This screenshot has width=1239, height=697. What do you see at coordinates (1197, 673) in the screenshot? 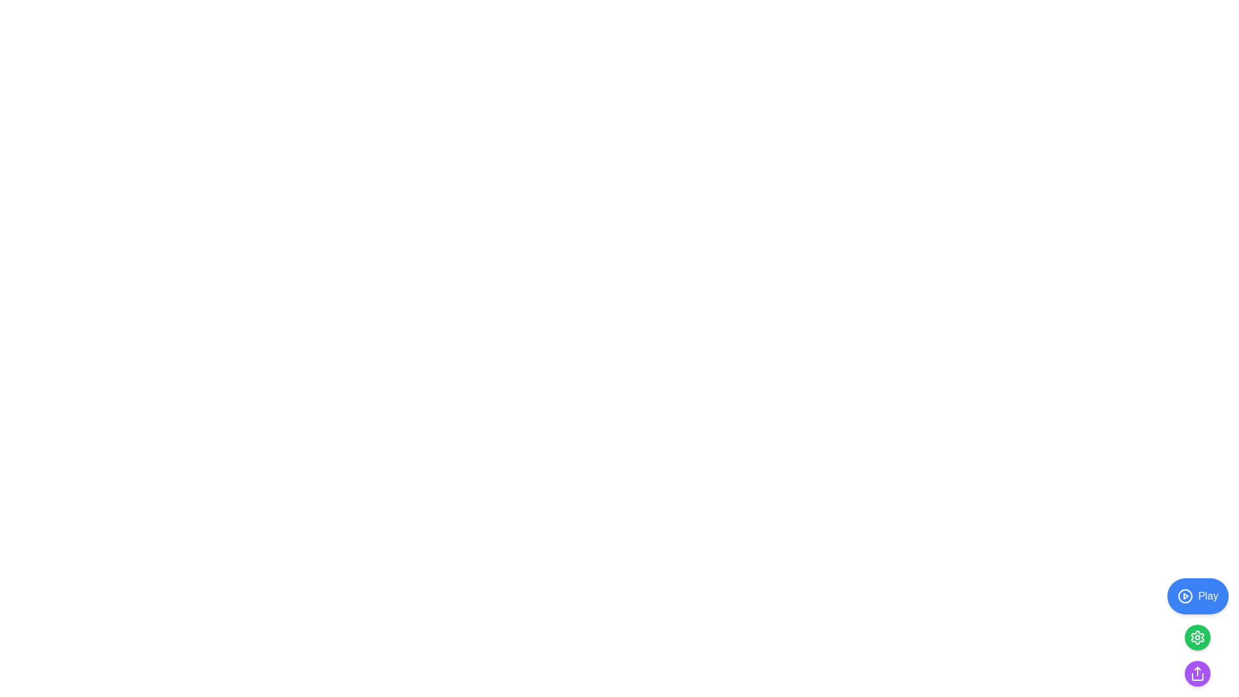
I see `the circular purple button with a white share icon at its center to initiate a share action` at bounding box center [1197, 673].